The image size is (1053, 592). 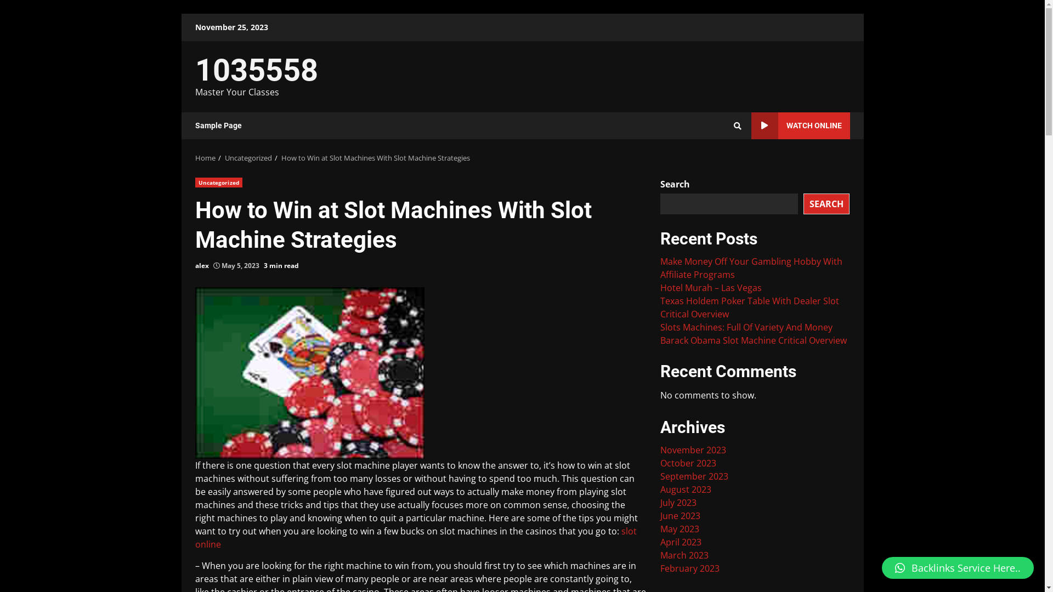 What do you see at coordinates (746, 327) in the screenshot?
I see `'Slots Machines: Full Of Variety And Money'` at bounding box center [746, 327].